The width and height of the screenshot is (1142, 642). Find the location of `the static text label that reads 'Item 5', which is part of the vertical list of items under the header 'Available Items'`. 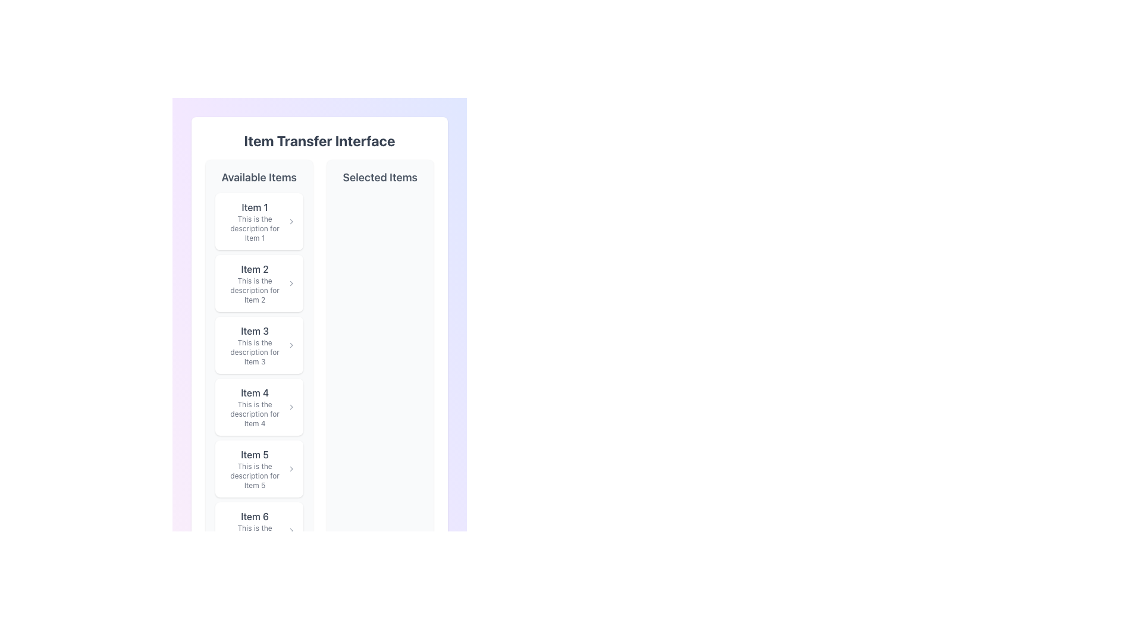

the static text label that reads 'Item 5', which is part of the vertical list of items under the header 'Available Items' is located at coordinates (254, 454).